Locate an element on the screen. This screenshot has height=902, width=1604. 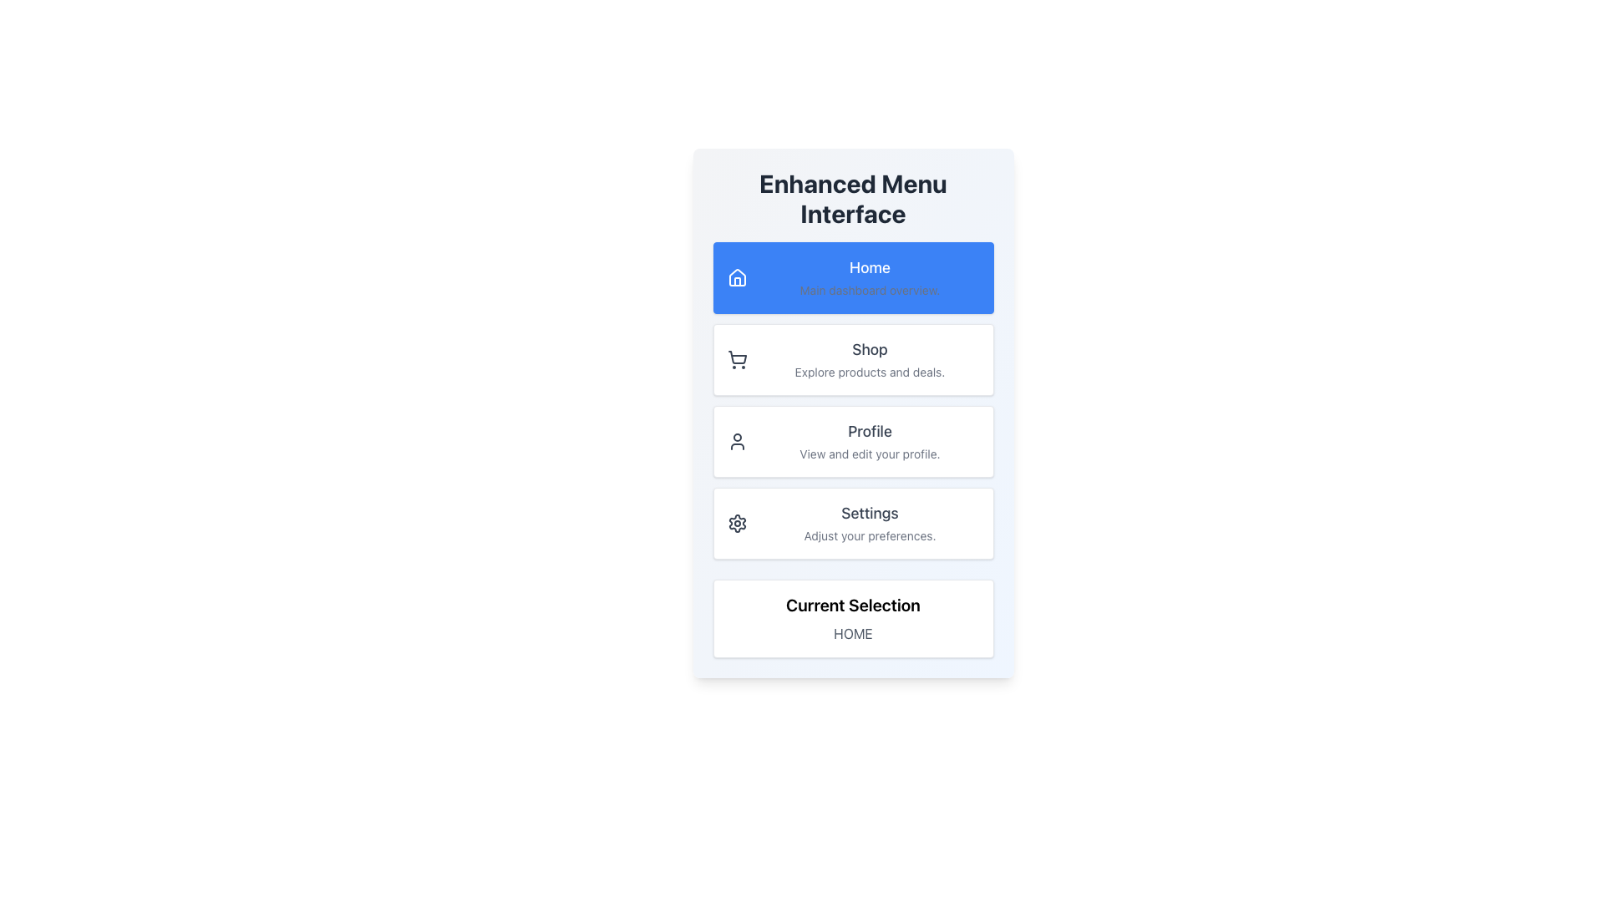
keyboard navigation is located at coordinates (736, 276).